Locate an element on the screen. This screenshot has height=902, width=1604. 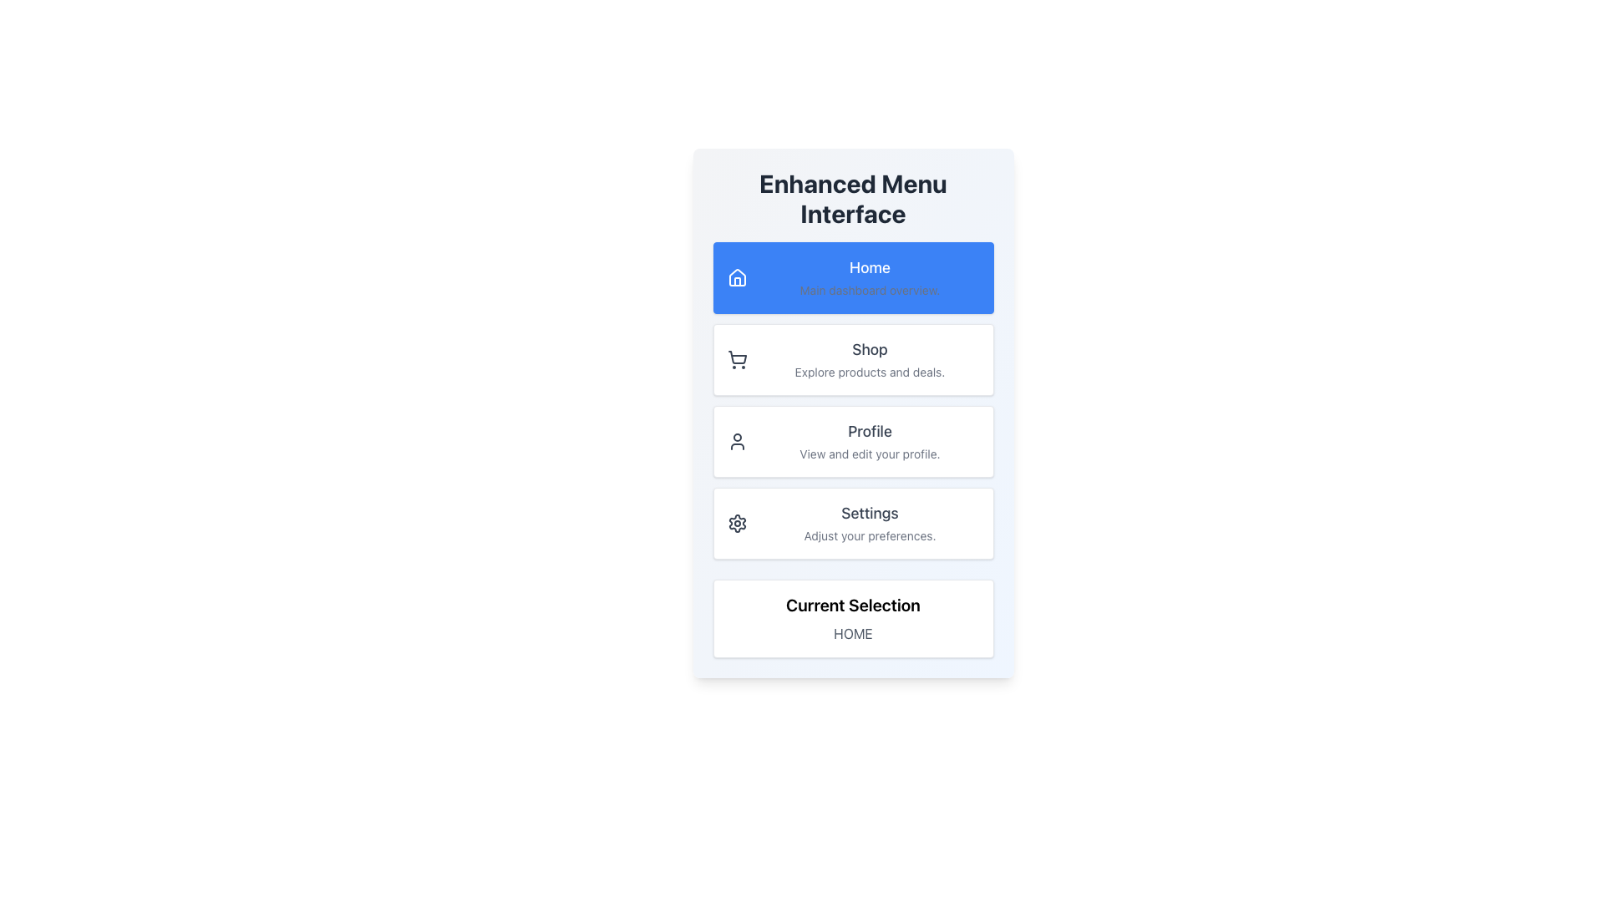
keyboard navigation is located at coordinates (736, 276).